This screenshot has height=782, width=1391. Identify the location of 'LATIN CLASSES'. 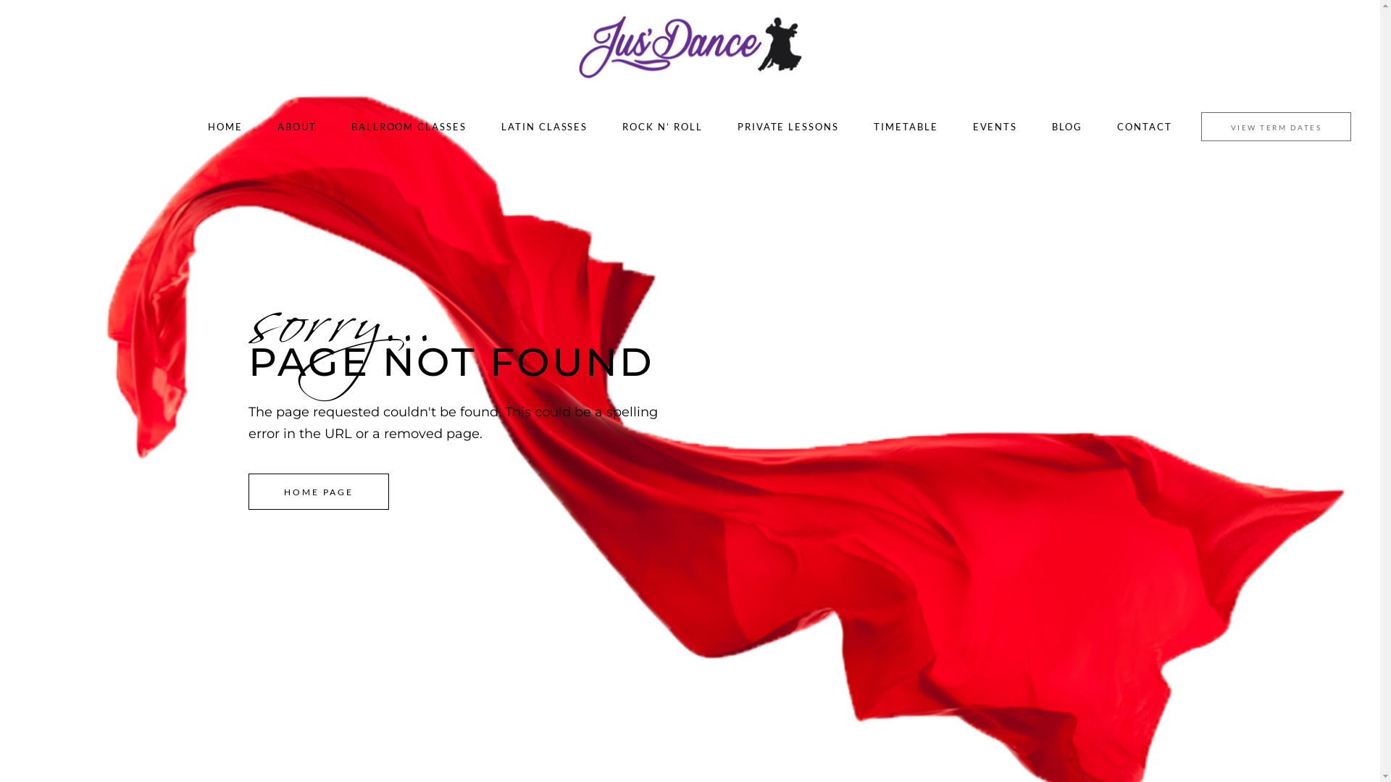
(543, 125).